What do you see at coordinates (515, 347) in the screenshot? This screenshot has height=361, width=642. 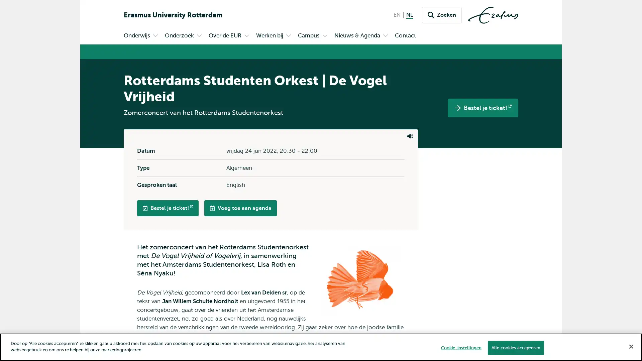 I see `Alle cookies accepteren` at bounding box center [515, 347].